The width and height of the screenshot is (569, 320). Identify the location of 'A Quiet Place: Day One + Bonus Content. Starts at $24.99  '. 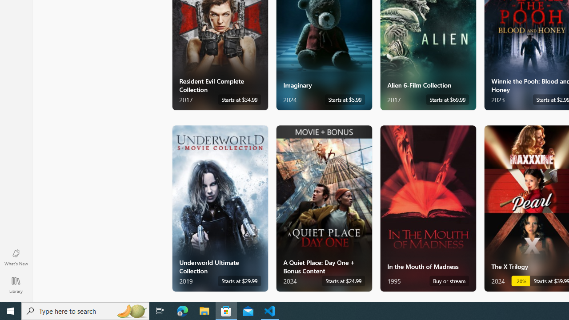
(323, 208).